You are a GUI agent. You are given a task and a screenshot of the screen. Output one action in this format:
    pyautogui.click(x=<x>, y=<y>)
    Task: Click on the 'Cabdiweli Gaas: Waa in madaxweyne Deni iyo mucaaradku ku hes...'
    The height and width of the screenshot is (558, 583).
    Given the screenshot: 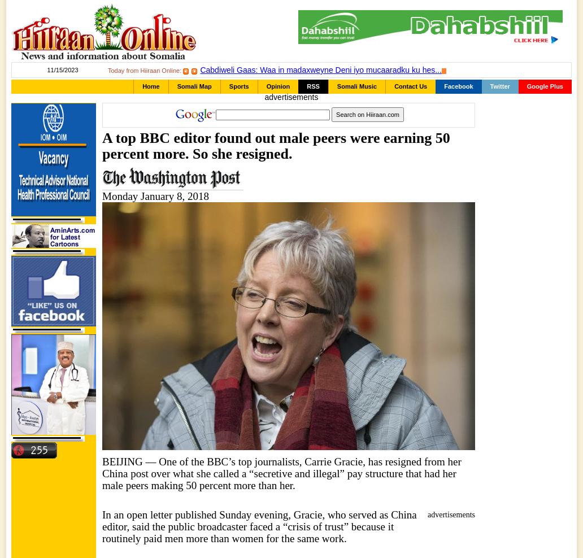 What is the action you would take?
    pyautogui.click(x=320, y=69)
    